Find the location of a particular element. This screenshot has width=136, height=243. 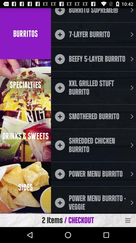

the menu icon is located at coordinates (128, 236).